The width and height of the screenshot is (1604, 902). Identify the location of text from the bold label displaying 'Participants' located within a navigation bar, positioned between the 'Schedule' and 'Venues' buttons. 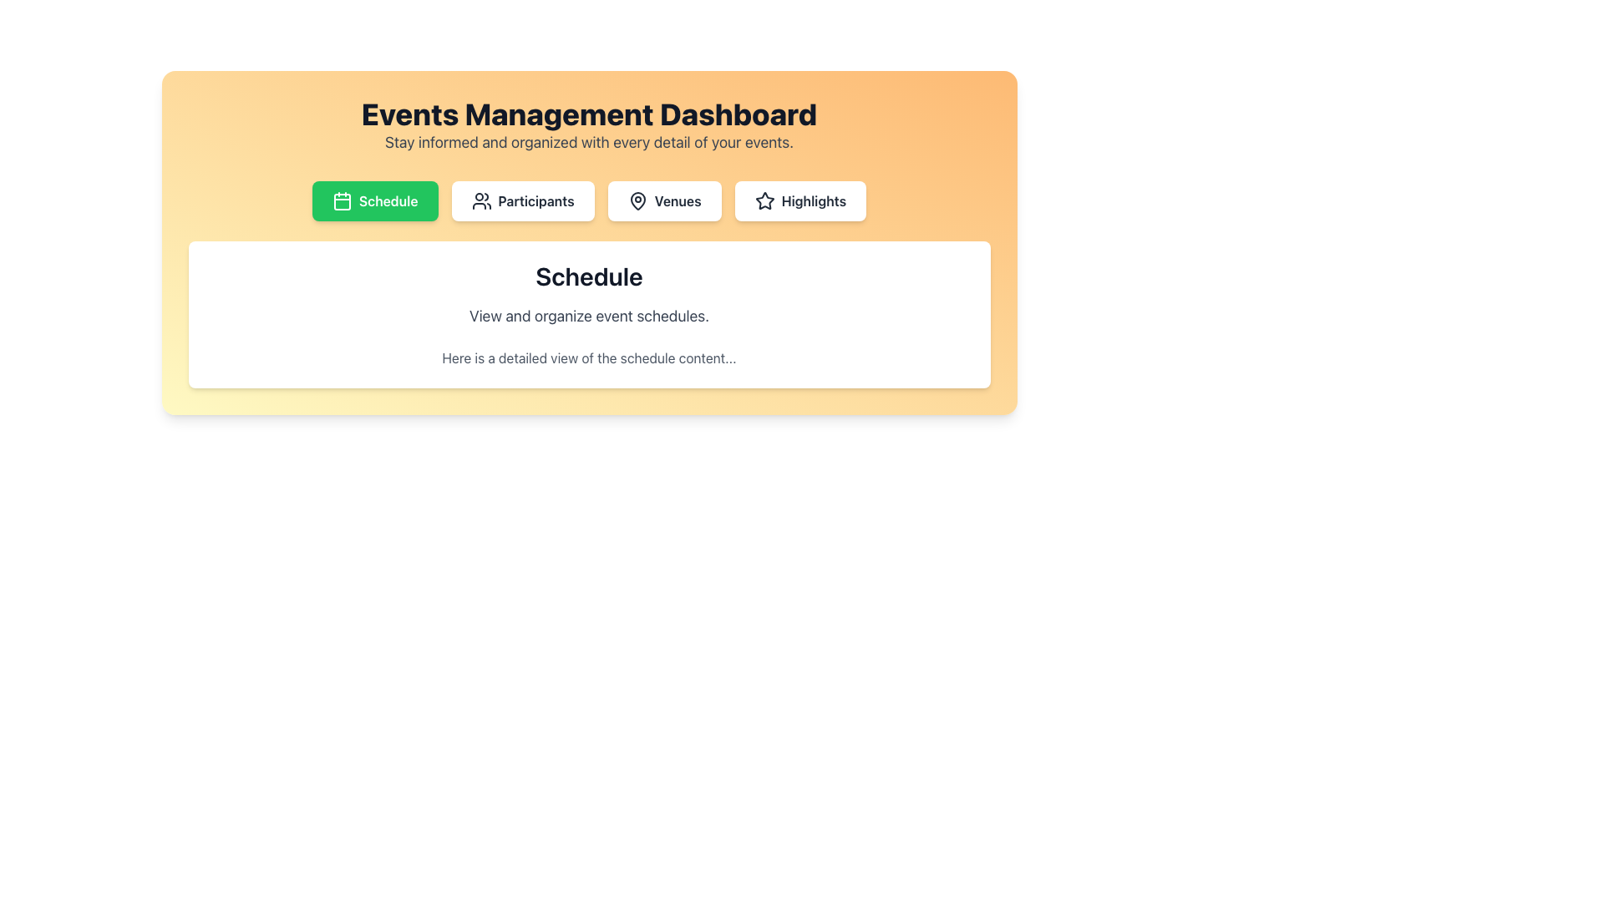
(536, 200).